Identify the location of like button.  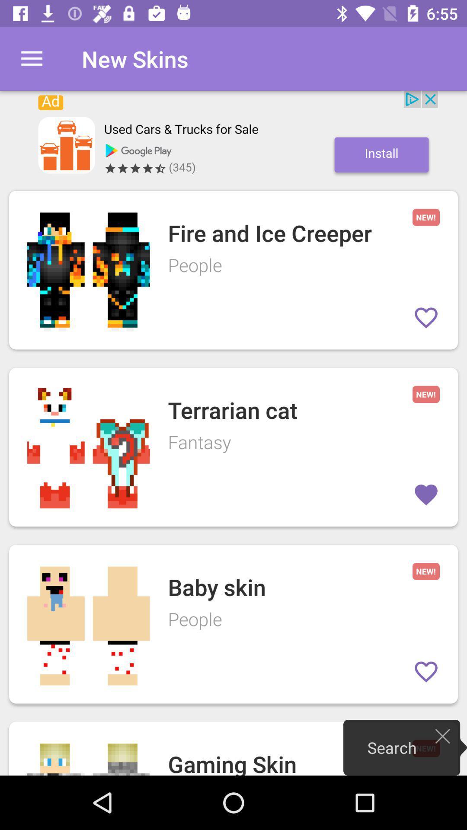
(425, 671).